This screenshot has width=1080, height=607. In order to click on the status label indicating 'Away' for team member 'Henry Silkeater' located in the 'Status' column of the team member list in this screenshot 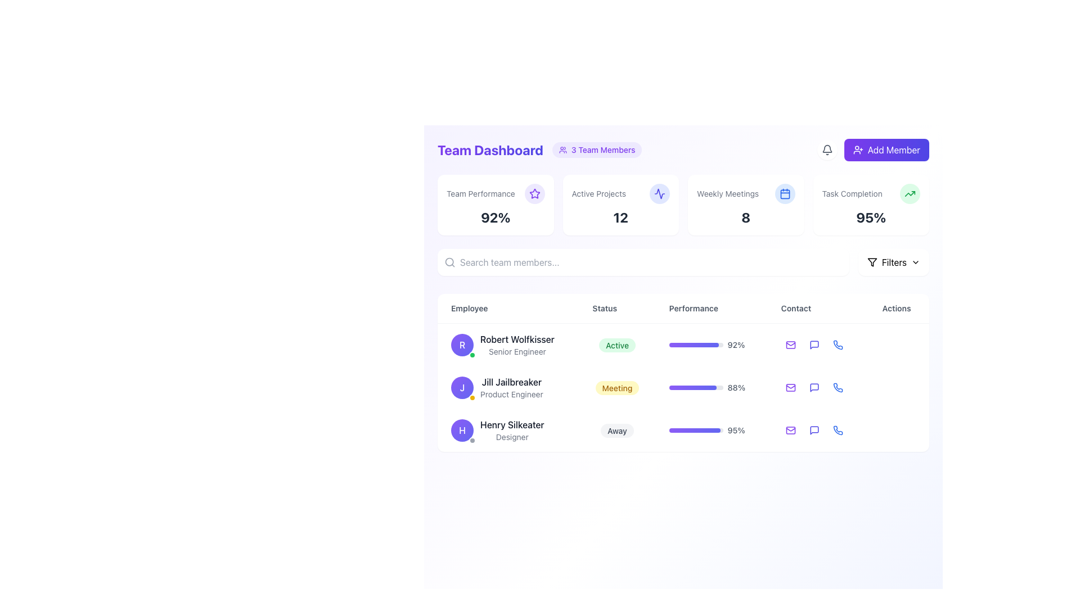, I will do `click(616, 430)`.